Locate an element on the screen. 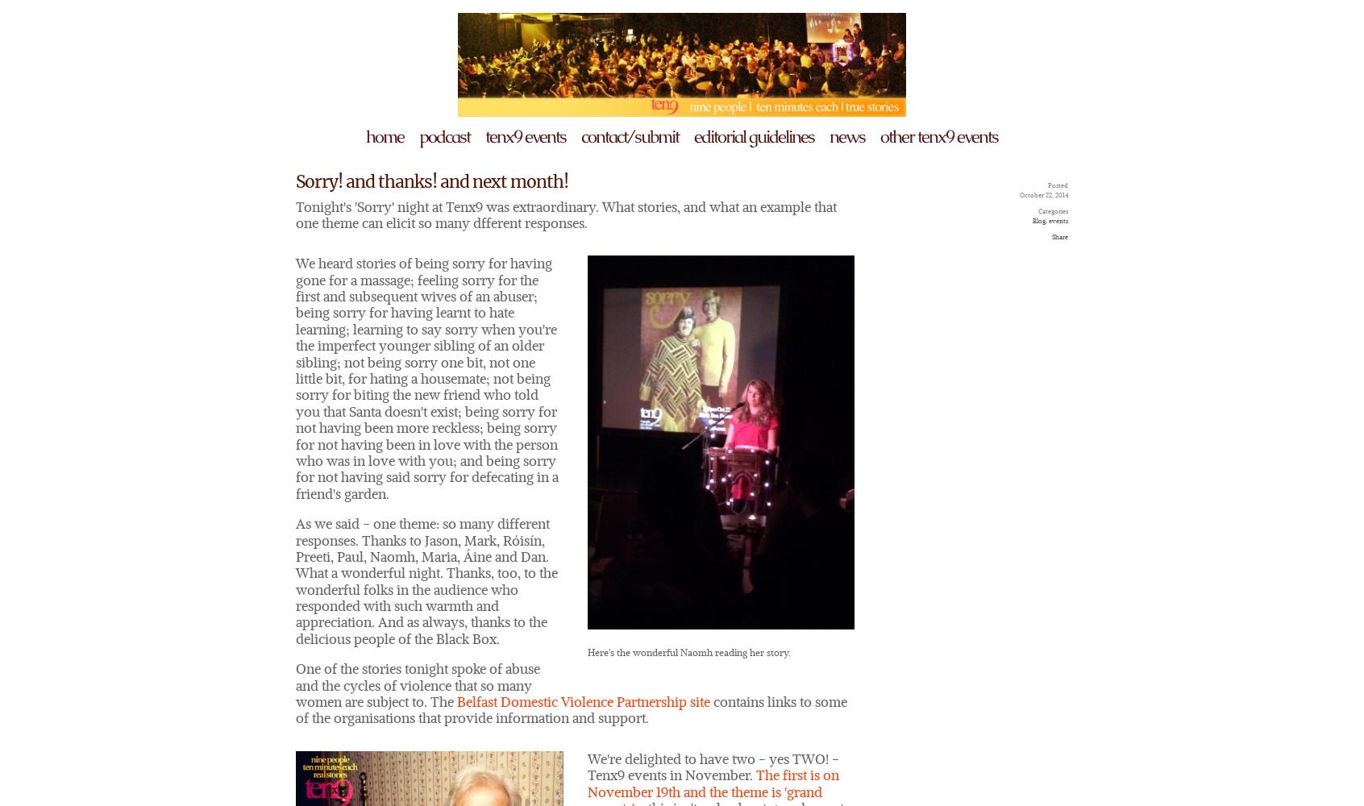 This screenshot has height=806, width=1364. 'Here's the wonderful Naomh reading her story.' is located at coordinates (687, 652).